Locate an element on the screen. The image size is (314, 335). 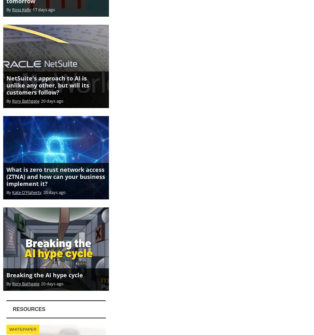
'What is zero trust network access (ZTNA) and how can your business implement it?' is located at coordinates (56, 170).